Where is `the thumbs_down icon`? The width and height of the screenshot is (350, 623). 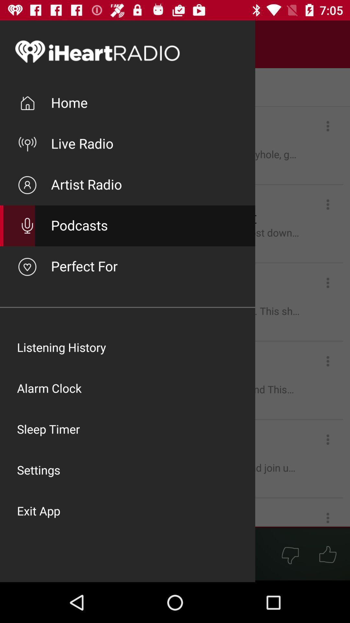
the thumbs_down icon is located at coordinates (290, 554).